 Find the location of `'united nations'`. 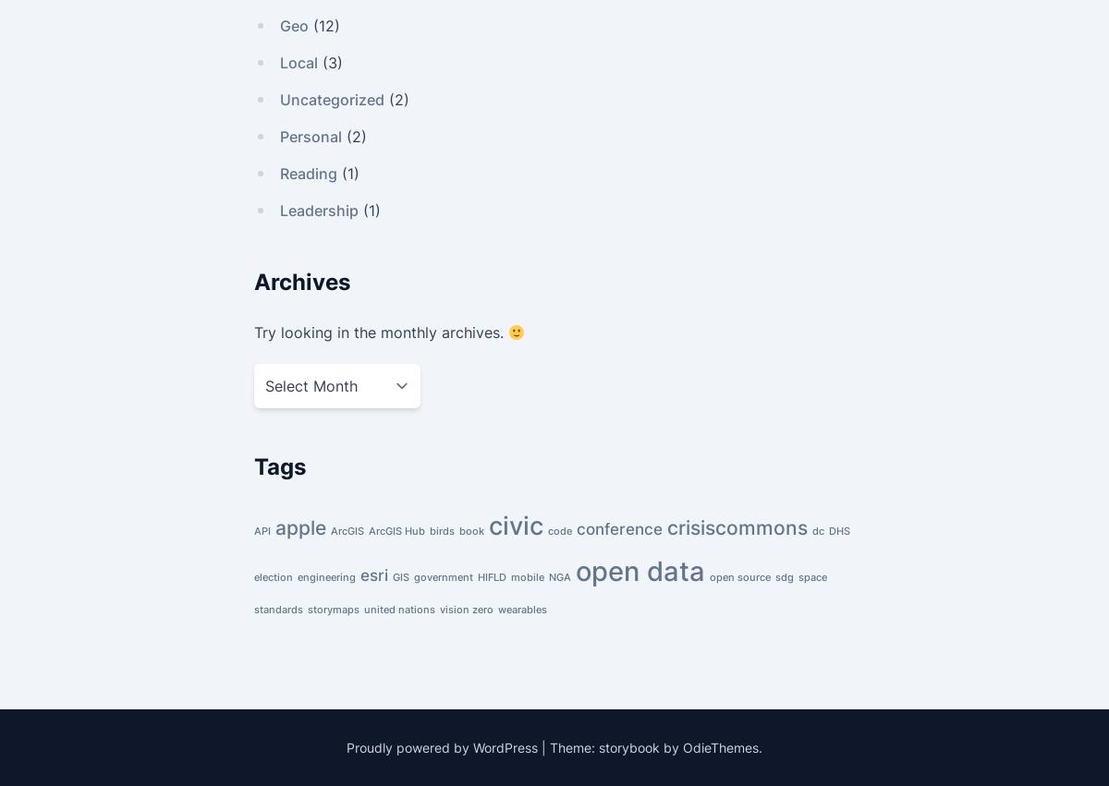

'united nations' is located at coordinates (399, 610).